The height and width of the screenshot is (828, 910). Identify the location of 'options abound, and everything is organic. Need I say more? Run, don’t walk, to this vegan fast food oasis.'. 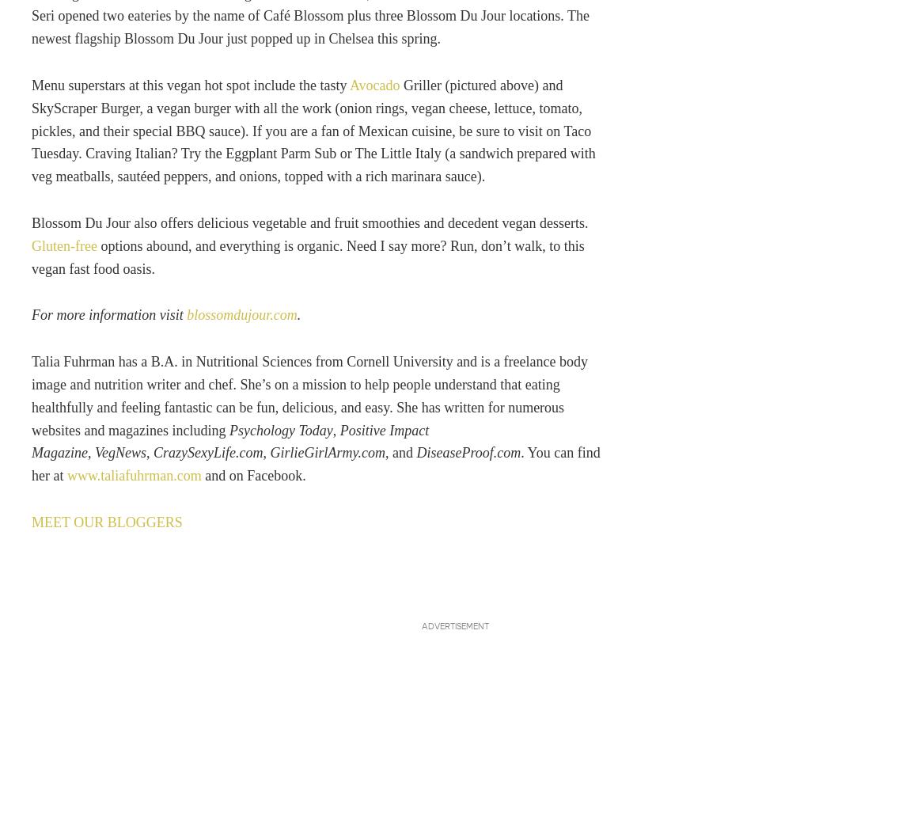
(31, 256).